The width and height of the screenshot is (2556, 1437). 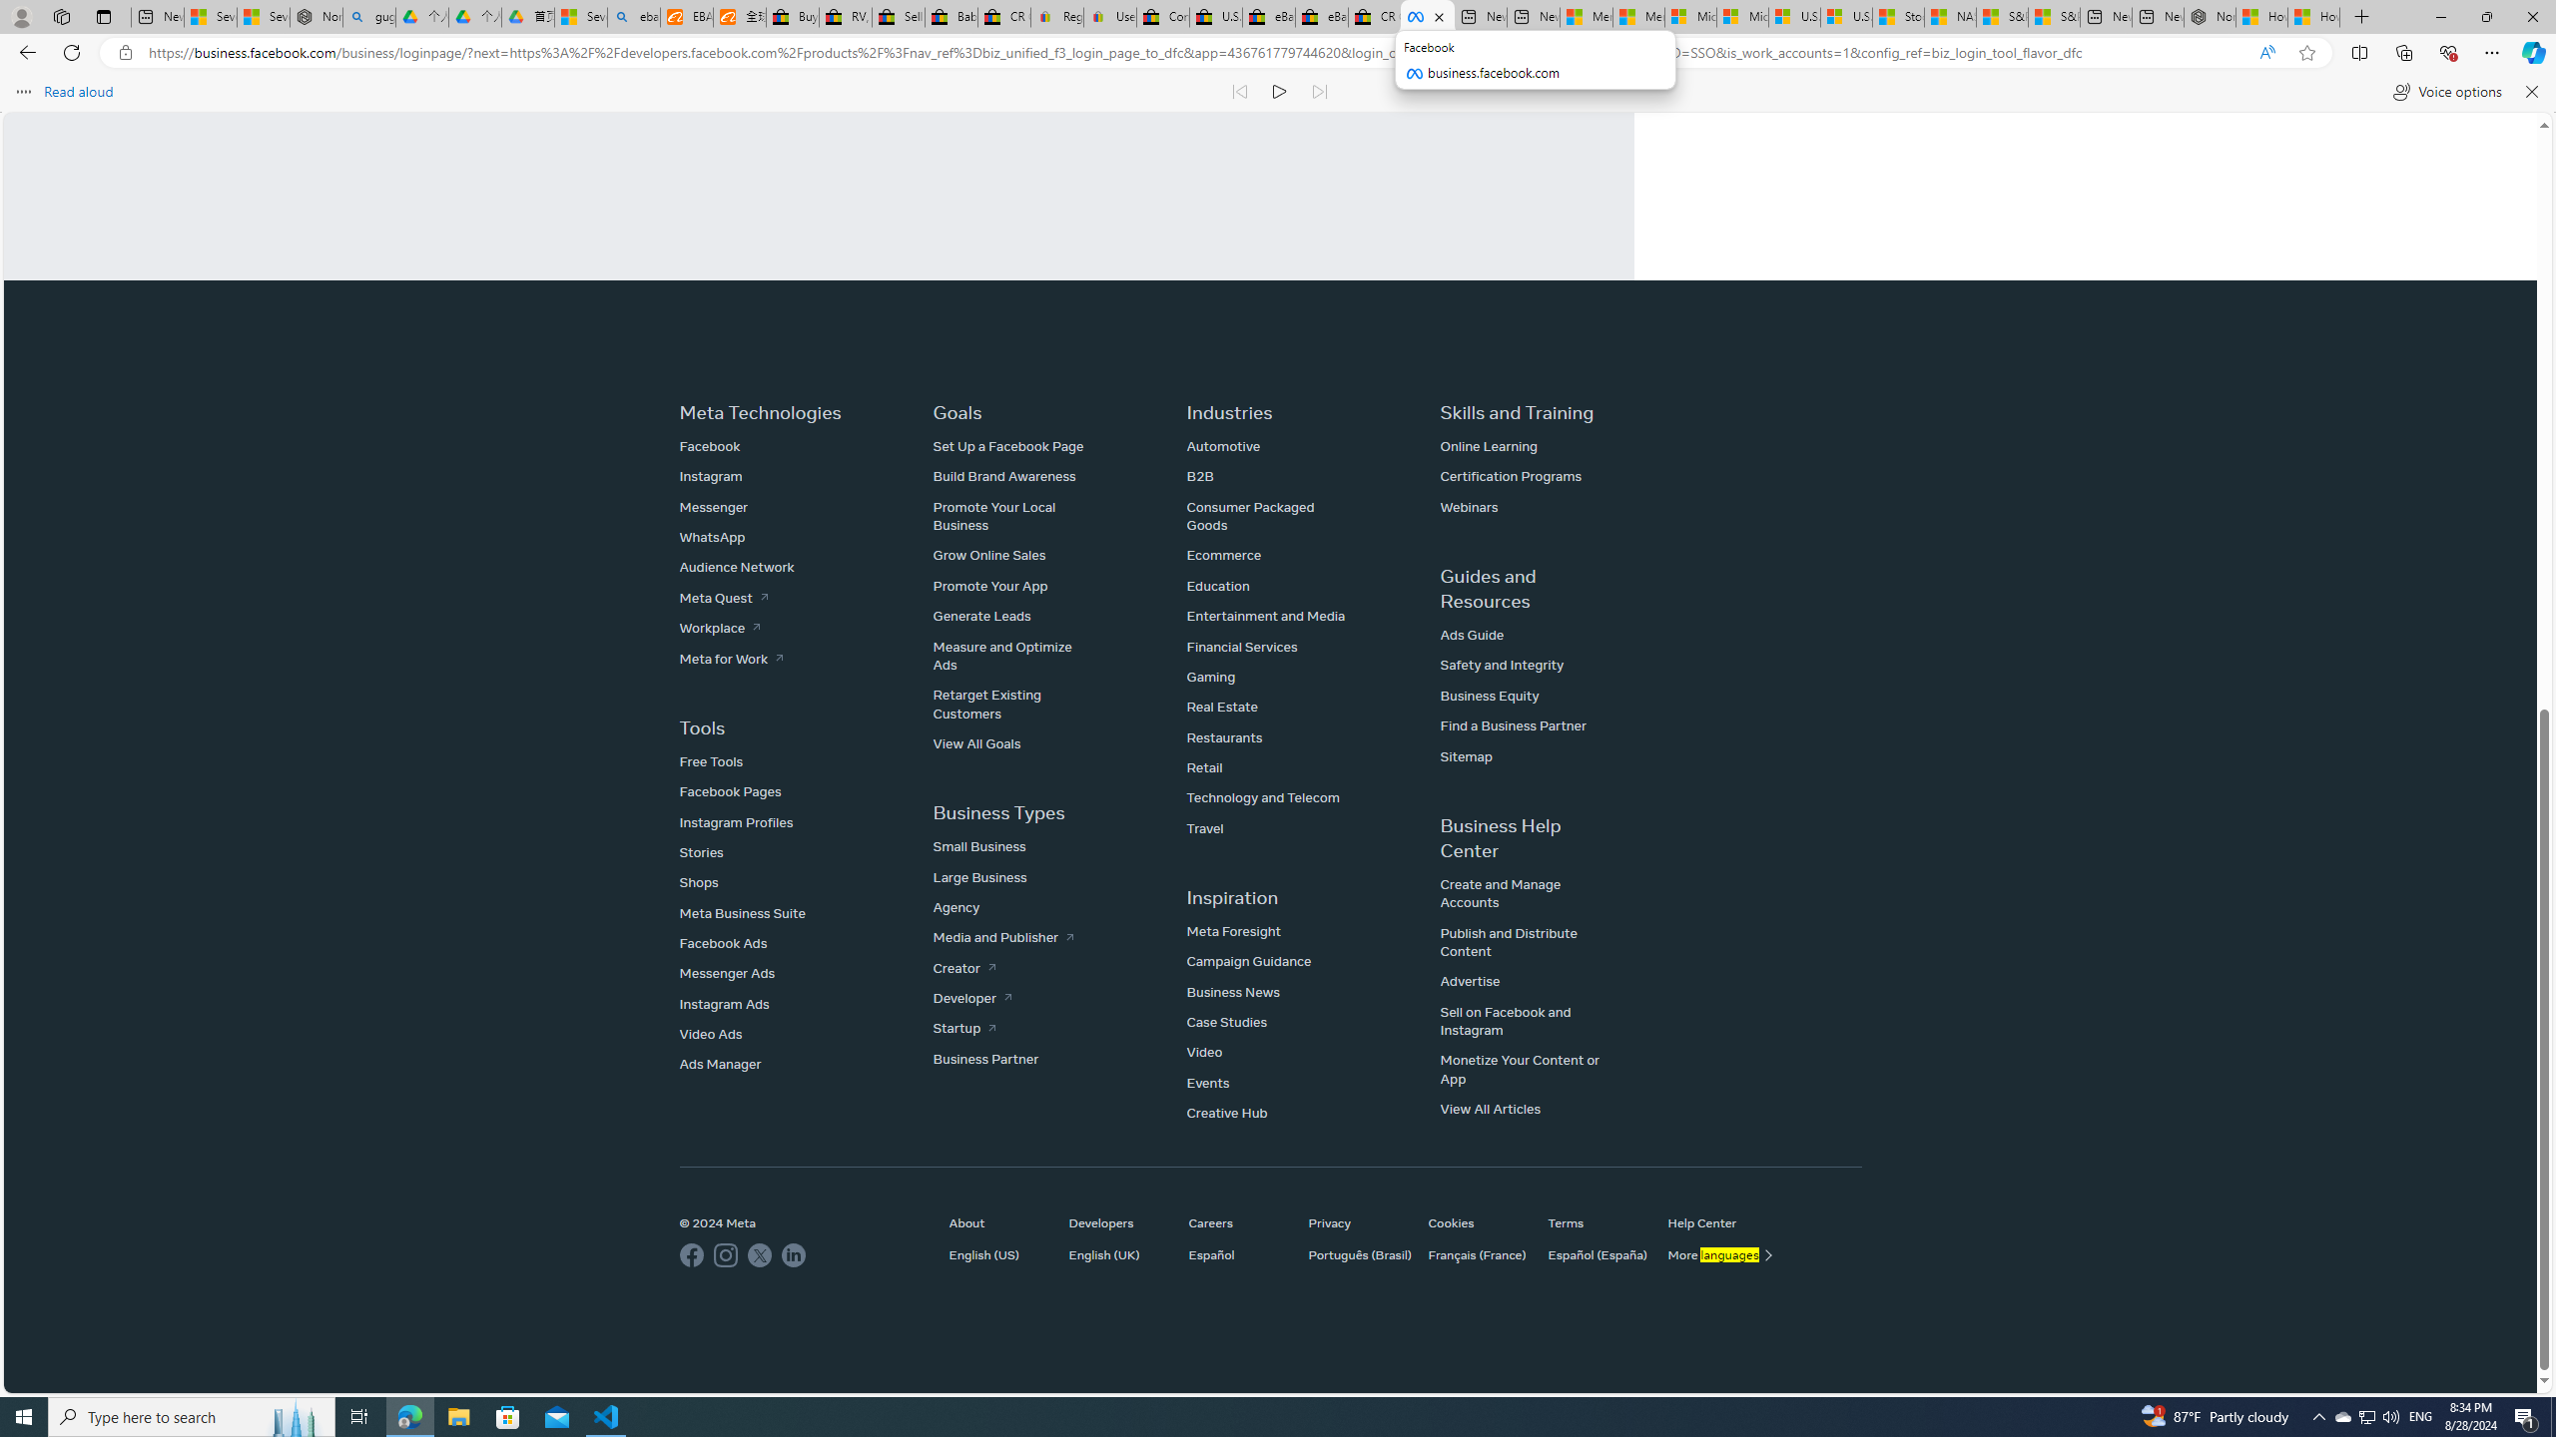 I want to click on 'WhatsApp', so click(x=712, y=536).